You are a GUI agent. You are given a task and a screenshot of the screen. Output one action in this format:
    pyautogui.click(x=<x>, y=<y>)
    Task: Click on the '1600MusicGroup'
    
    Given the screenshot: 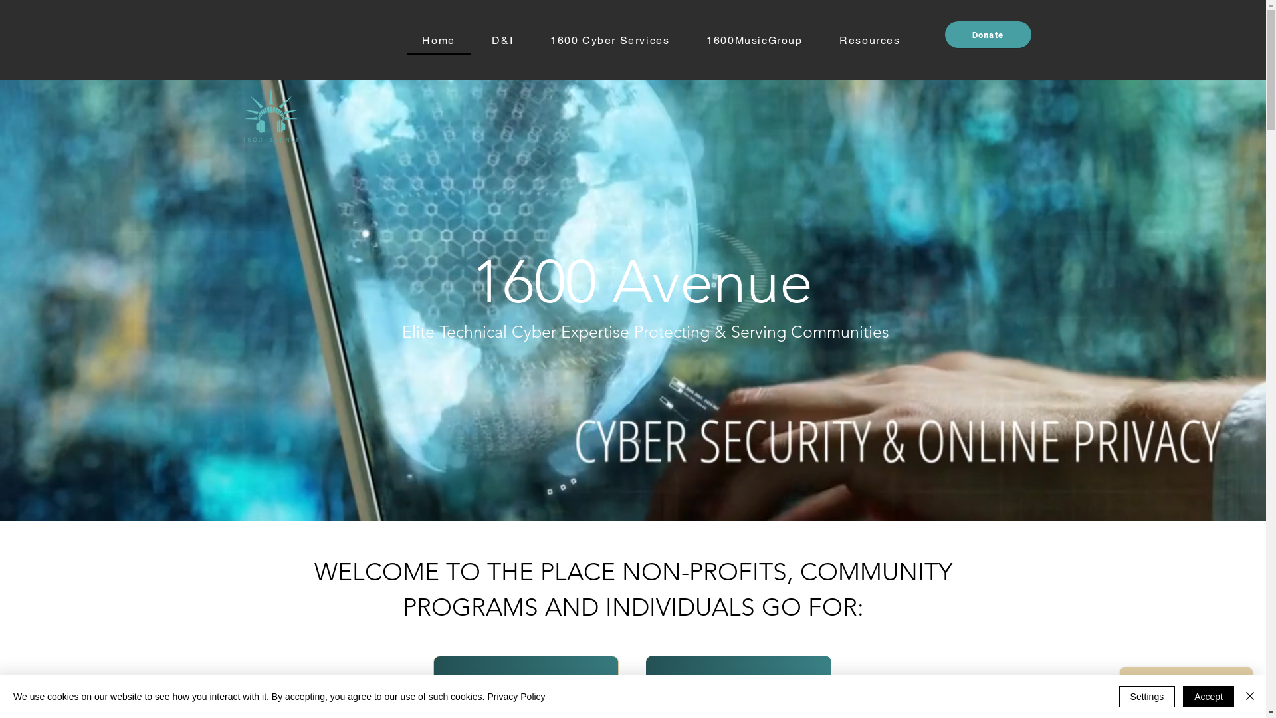 What is the action you would take?
    pyautogui.click(x=754, y=40)
    